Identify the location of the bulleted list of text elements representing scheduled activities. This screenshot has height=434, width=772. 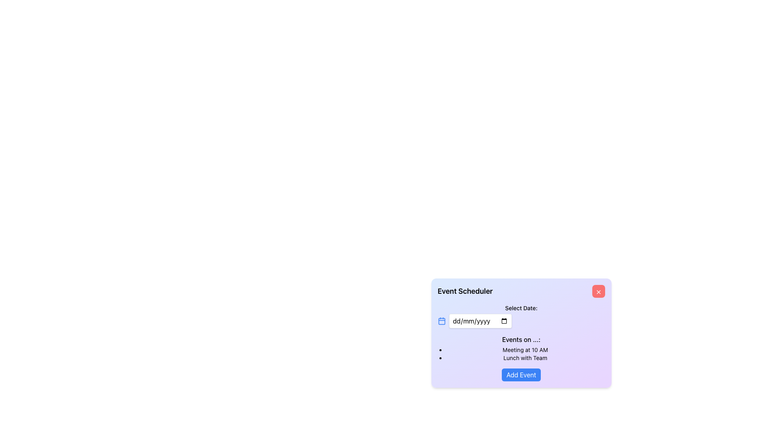
(521, 353).